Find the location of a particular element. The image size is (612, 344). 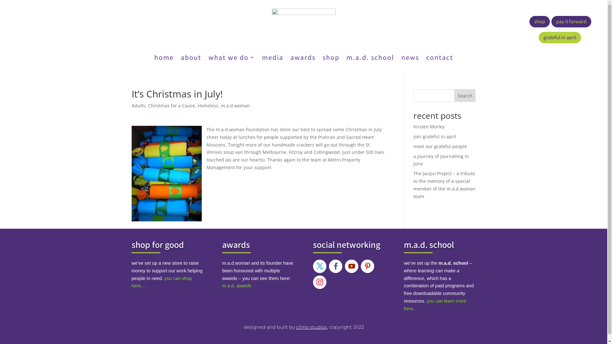

'meet our grateful people' is located at coordinates (413, 146).